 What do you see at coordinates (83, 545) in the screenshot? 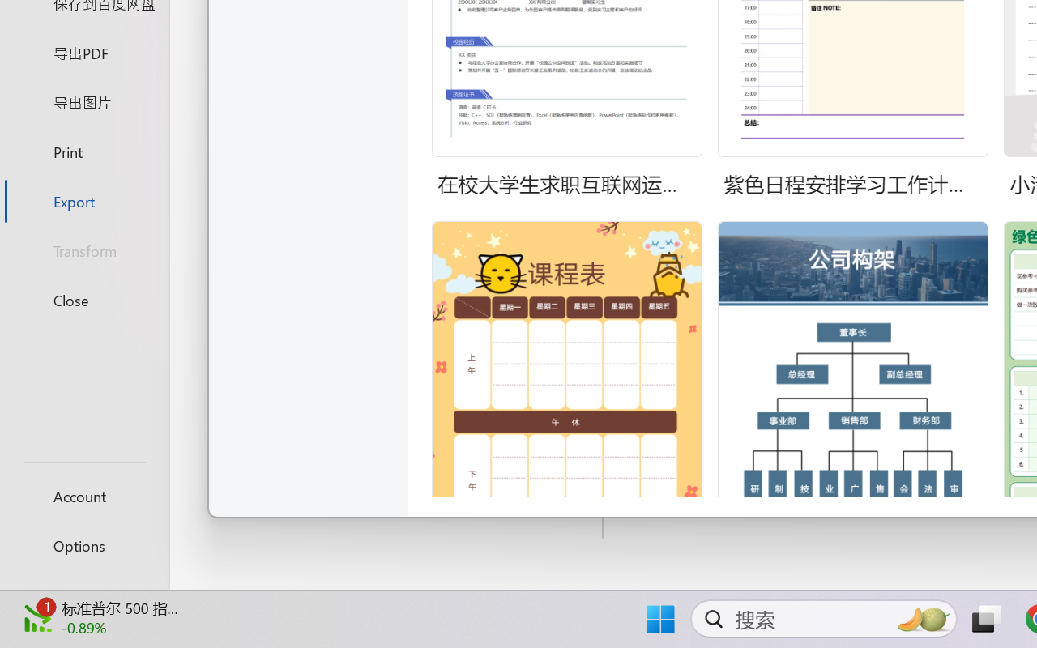
I see `'Options'` at bounding box center [83, 545].